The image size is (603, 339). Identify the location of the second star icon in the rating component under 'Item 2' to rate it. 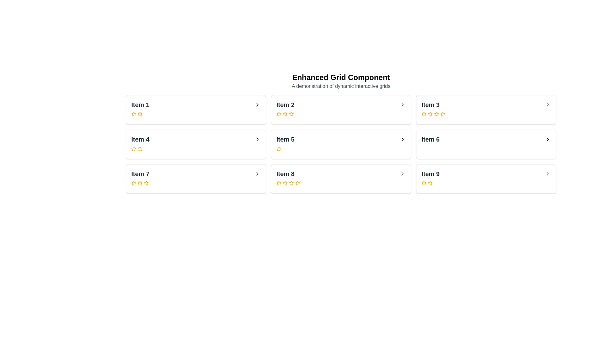
(285, 114).